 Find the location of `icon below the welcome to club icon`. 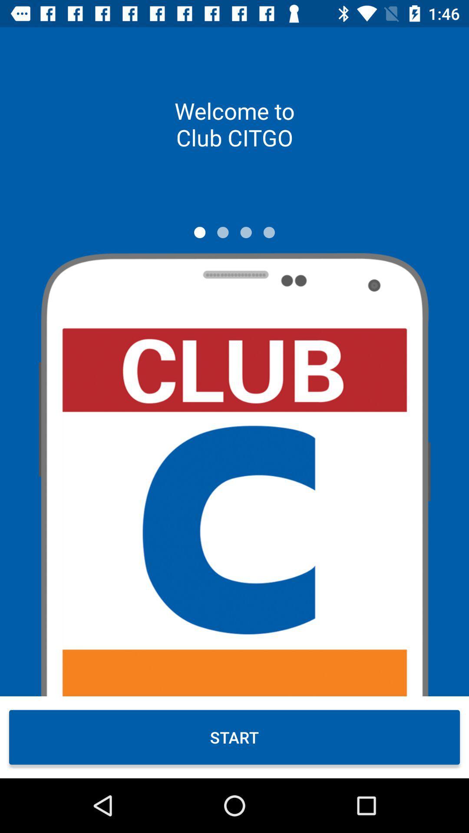

icon below the welcome to club icon is located at coordinates (268, 232).